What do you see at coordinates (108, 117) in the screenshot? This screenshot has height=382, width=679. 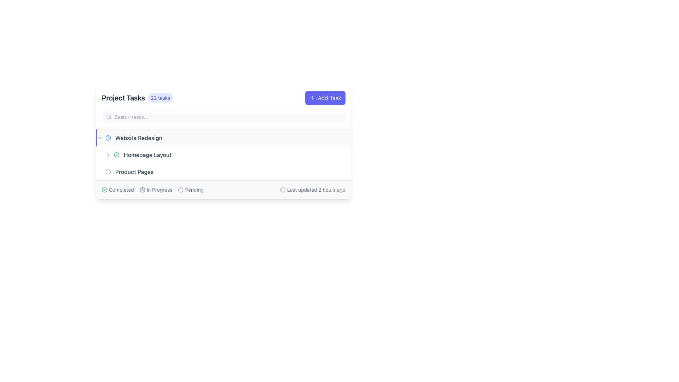 I see `the universal search icon resembling a magnifying glass, which is located inside the search input field before the placeholder text 'Search tasks...' under the header 'Project Tasks'` at bounding box center [108, 117].